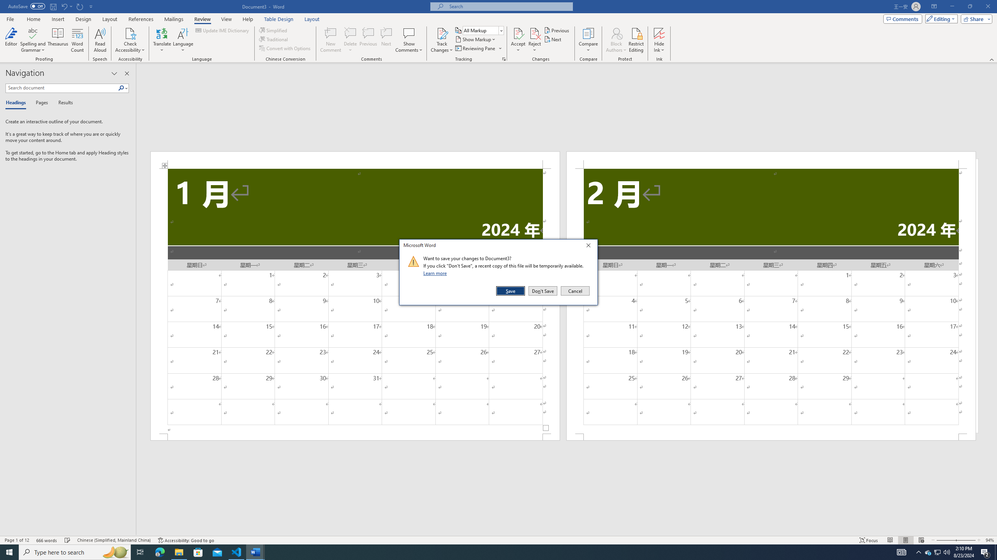 The image size is (997, 560). I want to click on 'Show Comments', so click(409, 40).